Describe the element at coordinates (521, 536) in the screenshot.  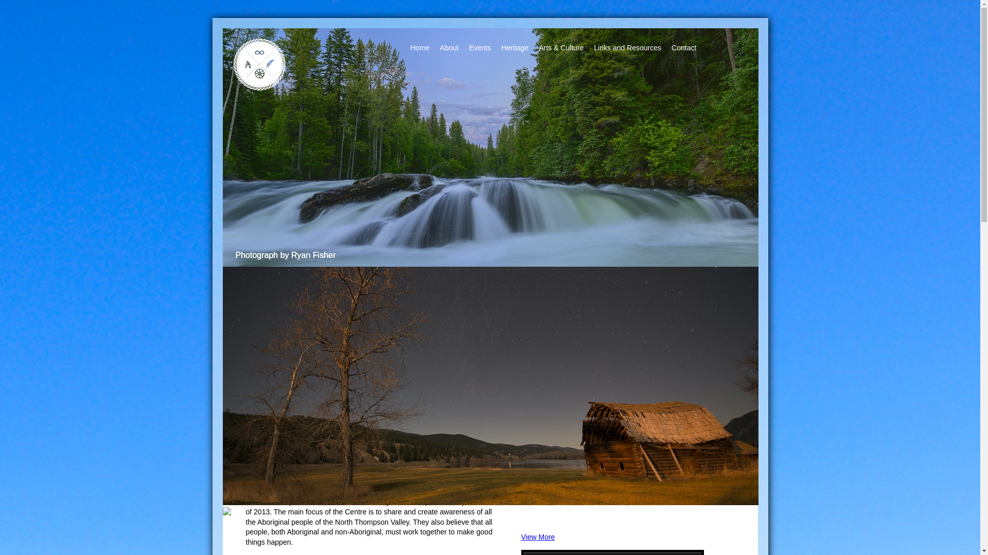
I see `'View More'` at that location.